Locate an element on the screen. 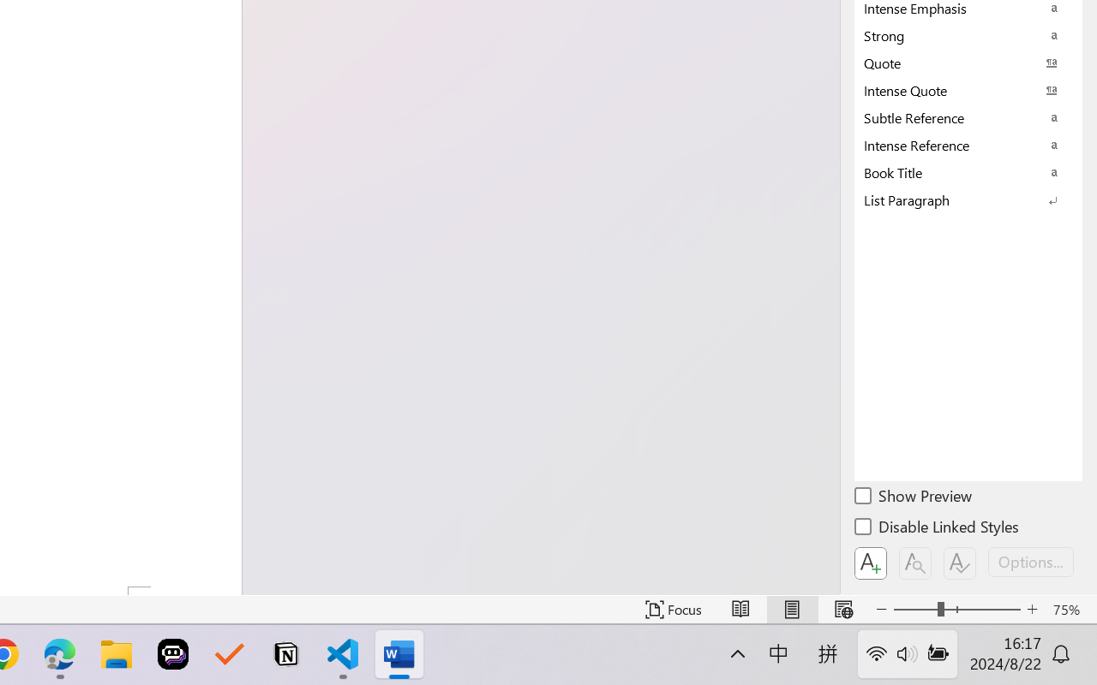 This screenshot has height=685, width=1097. 'List Paragraph' is located at coordinates (968, 200).